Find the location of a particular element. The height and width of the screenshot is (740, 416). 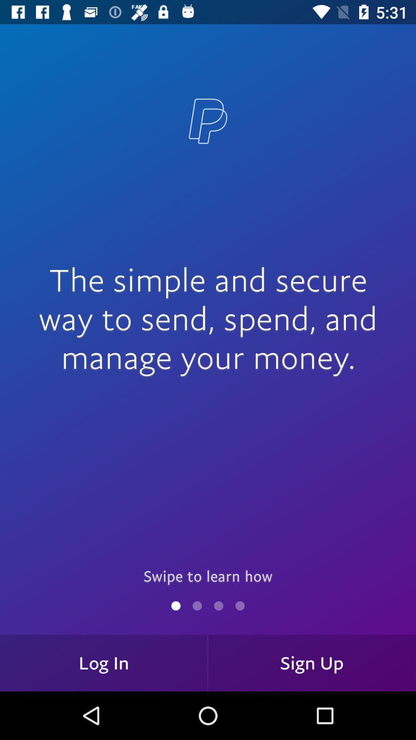

the sign up is located at coordinates (312, 663).